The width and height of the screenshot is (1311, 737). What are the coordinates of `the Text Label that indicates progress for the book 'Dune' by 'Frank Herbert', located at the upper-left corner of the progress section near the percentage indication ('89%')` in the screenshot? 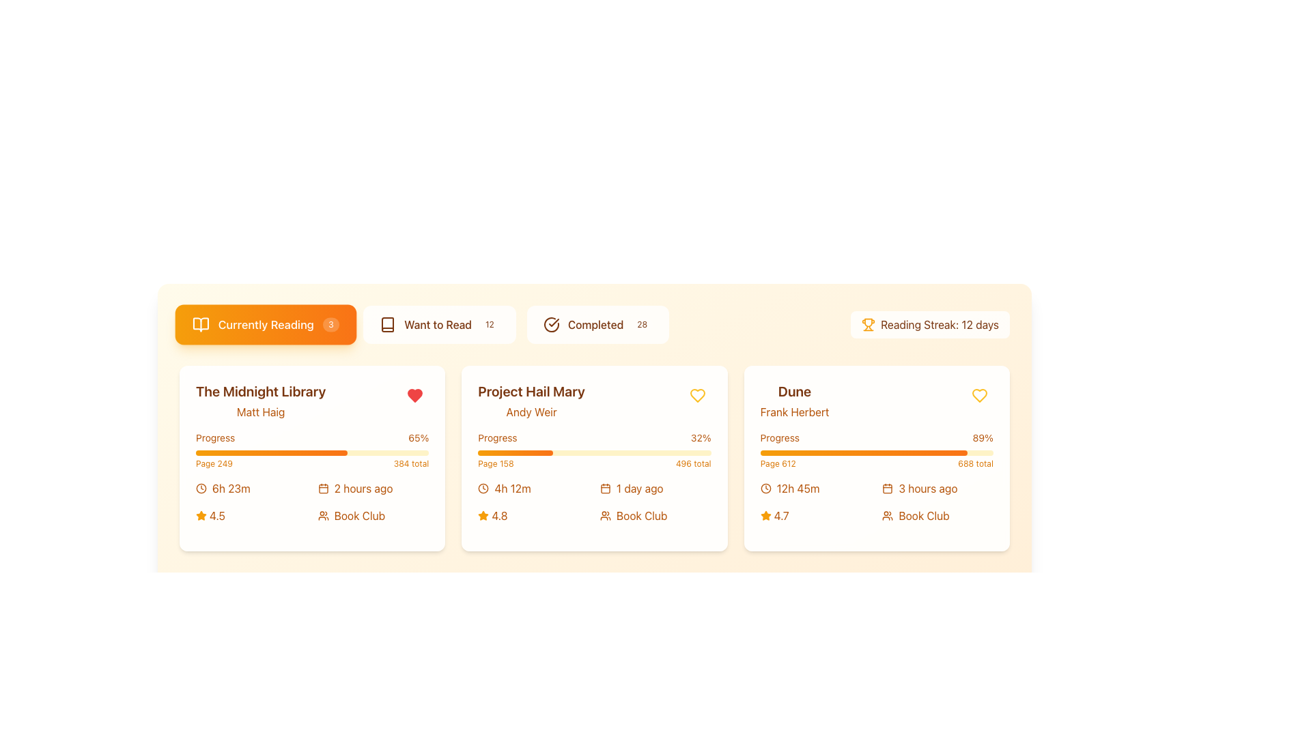 It's located at (780, 437).